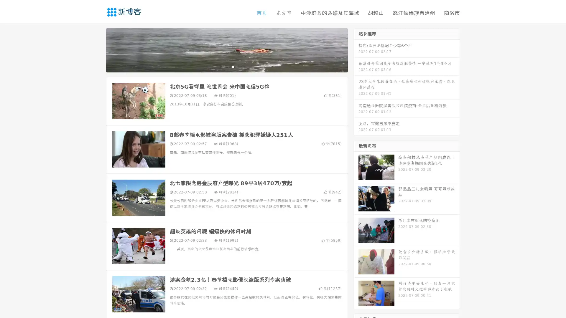 This screenshot has height=318, width=566. Describe the element at coordinates (356, 49) in the screenshot. I see `Next slide` at that location.